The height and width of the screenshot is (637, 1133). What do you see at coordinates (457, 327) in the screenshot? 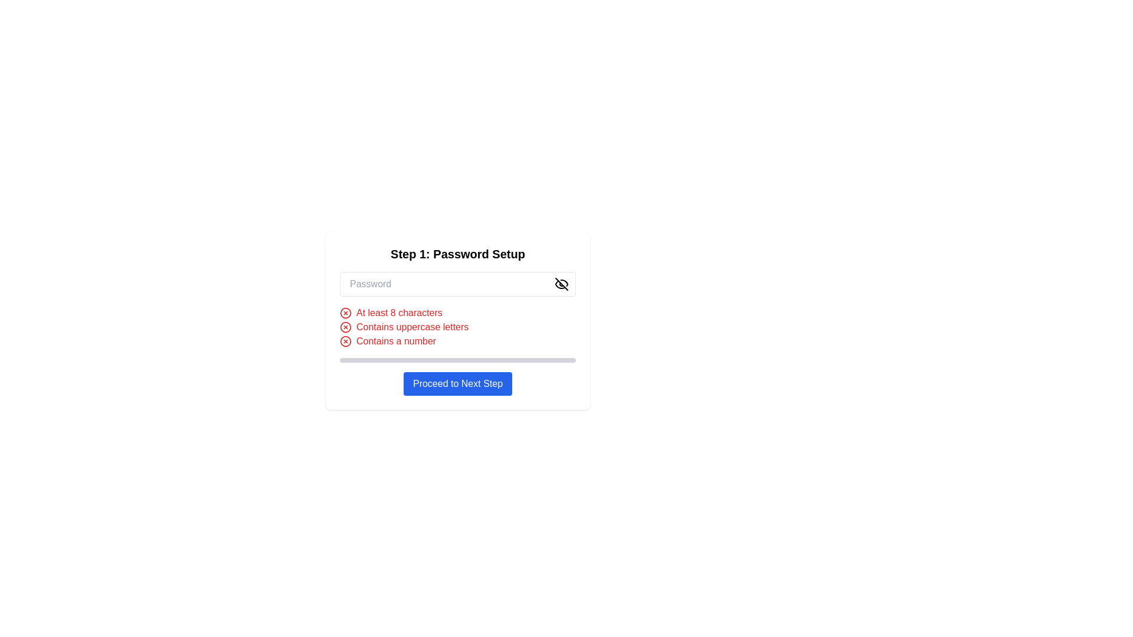
I see `the textual information component that lists conditions for password requirements, which includes labels such as 'At least 8 characters,' 'Contains uppercase letters,' and 'Contains a number.'` at bounding box center [457, 327].